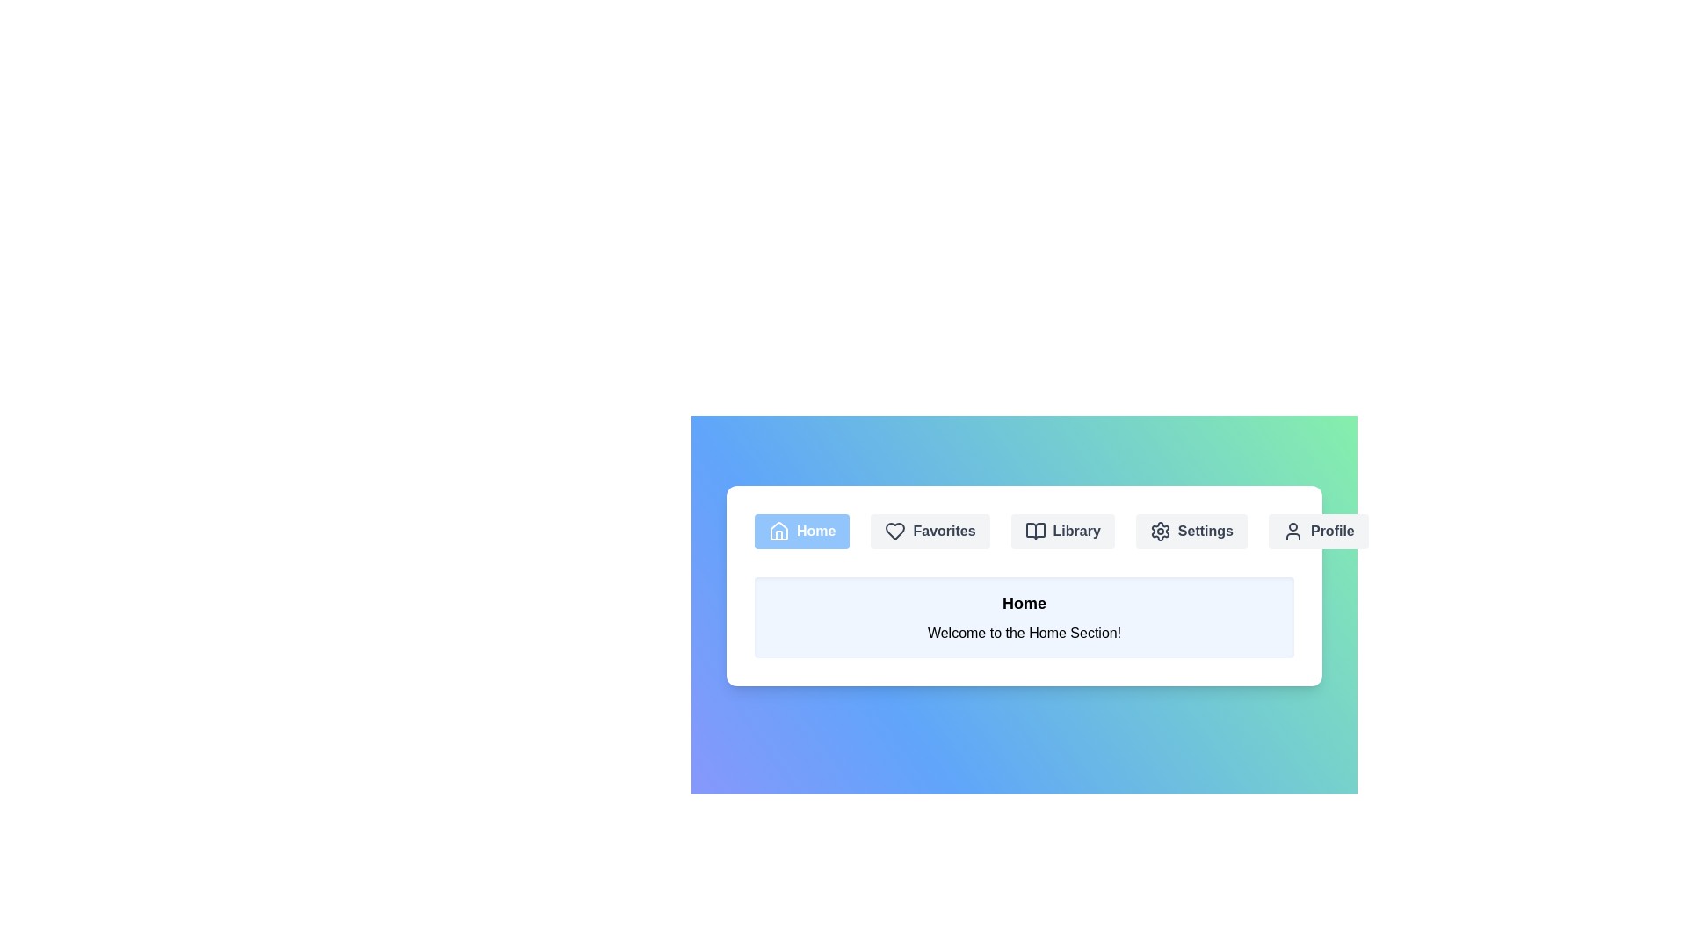  What do you see at coordinates (944, 531) in the screenshot?
I see `the 'Favorites' text label in the navigation bar, which is styled in a bold font and positioned to the right of a heart icon` at bounding box center [944, 531].